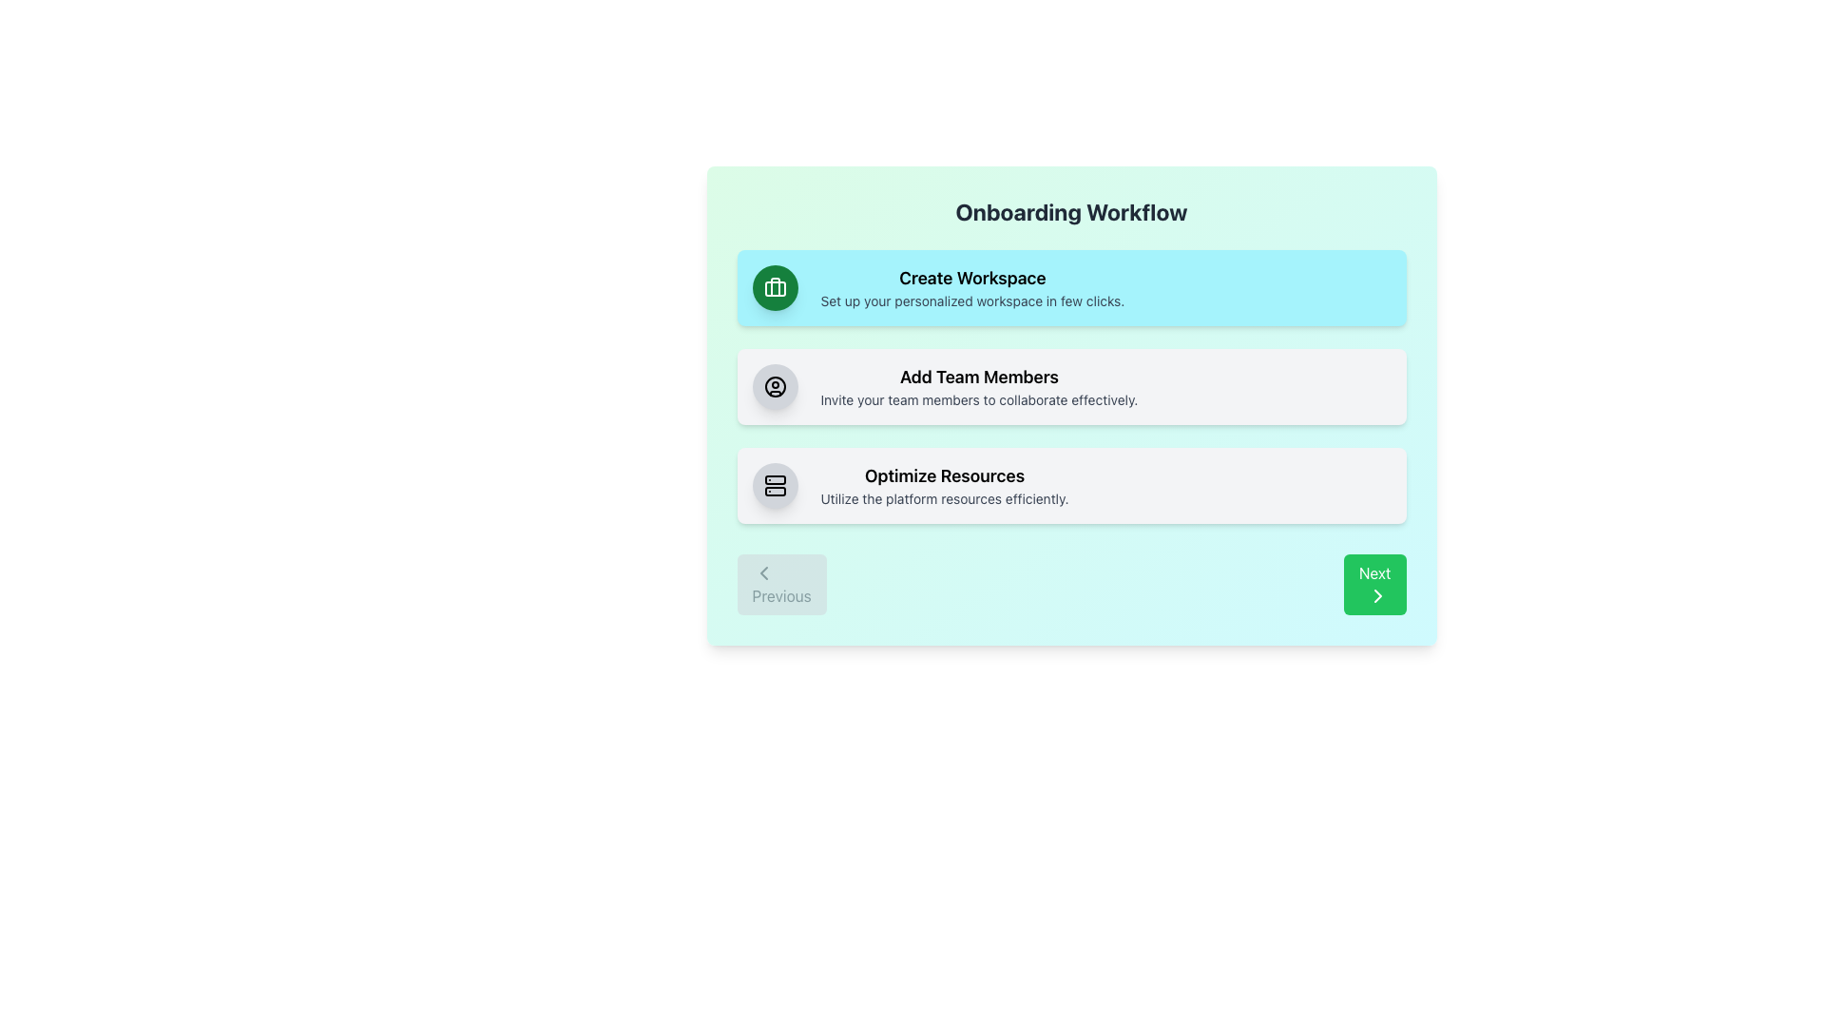  I want to click on the circular icon with a user silhouette symbol in the 'Onboarding Workflow' section, located to the left of the 'Add Team Members' text, so click(775, 386).